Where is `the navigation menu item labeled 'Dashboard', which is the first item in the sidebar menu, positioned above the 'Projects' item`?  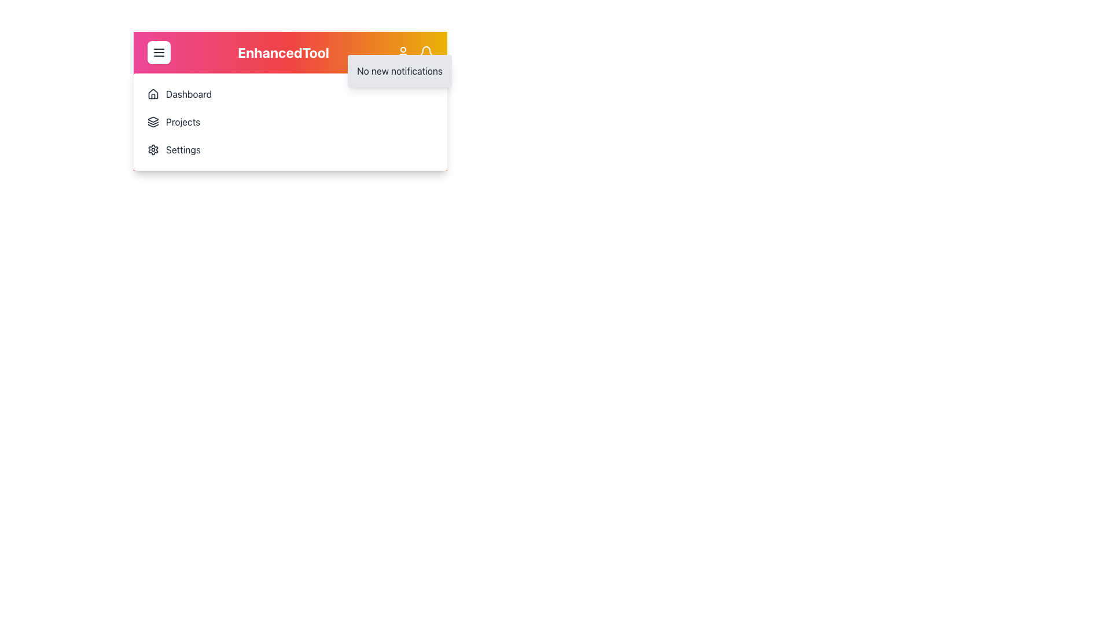 the navigation menu item labeled 'Dashboard', which is the first item in the sidebar menu, positioned above the 'Projects' item is located at coordinates (290, 93).